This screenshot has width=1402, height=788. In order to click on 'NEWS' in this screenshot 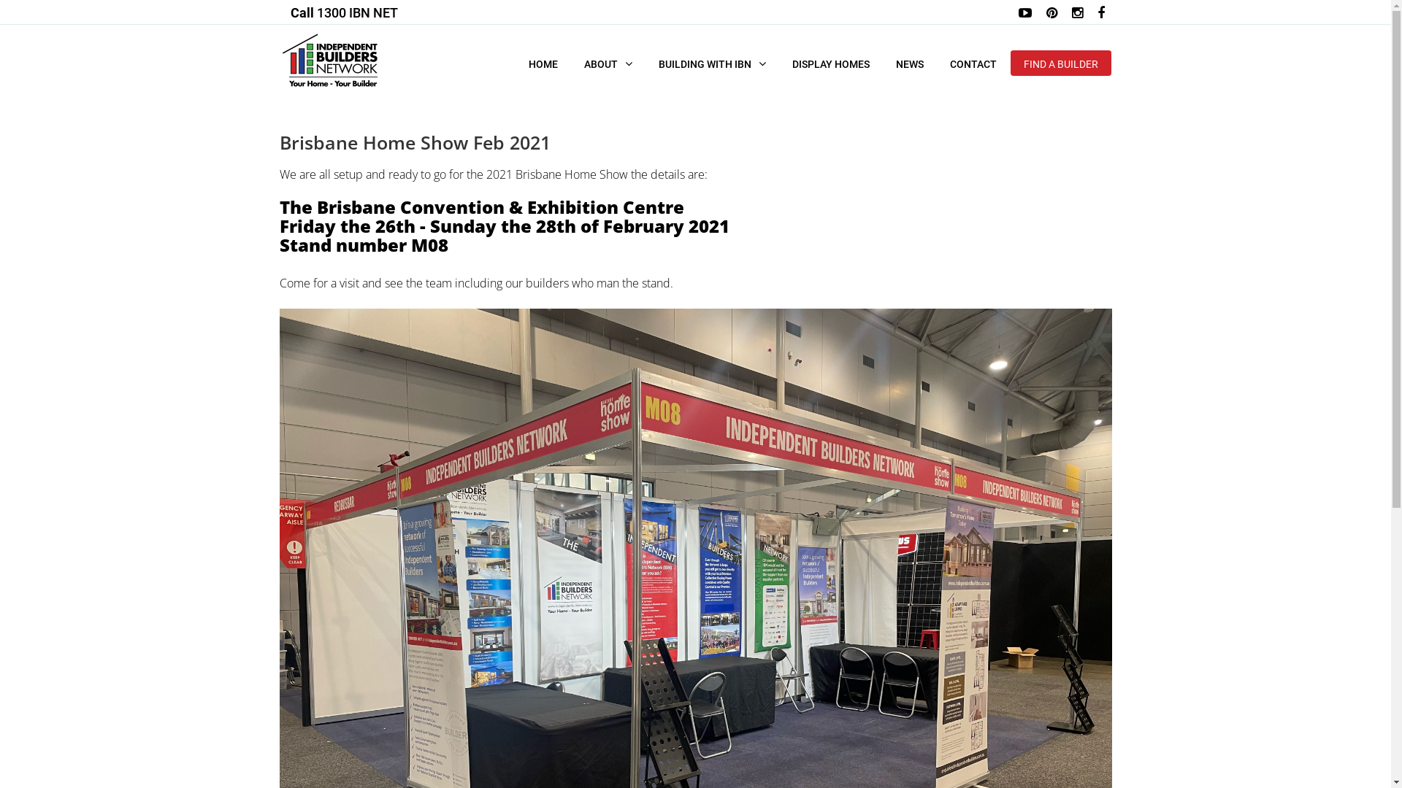, I will do `click(881, 62)`.